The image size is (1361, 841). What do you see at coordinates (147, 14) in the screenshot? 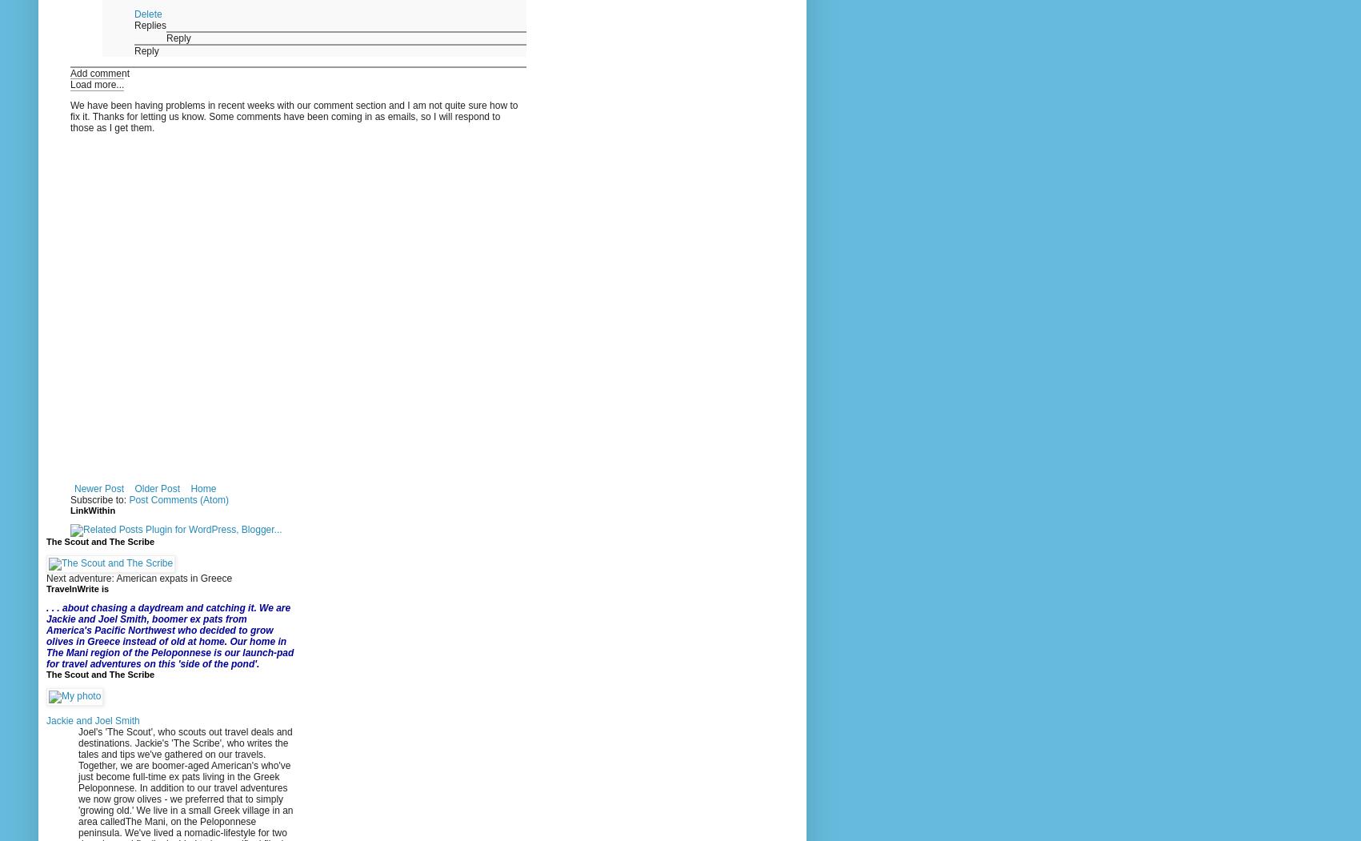
I see `'Delete'` at bounding box center [147, 14].